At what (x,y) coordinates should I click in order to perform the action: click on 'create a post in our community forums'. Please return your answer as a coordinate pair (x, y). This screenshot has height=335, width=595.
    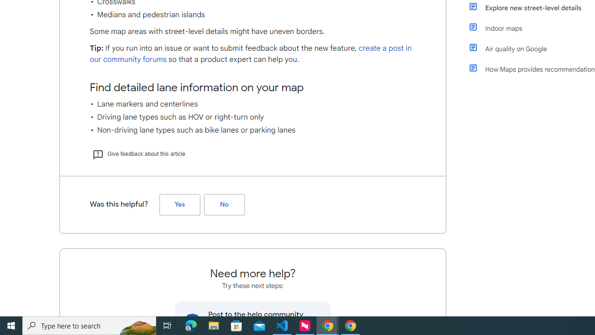
    Looking at the image, I should click on (251, 54).